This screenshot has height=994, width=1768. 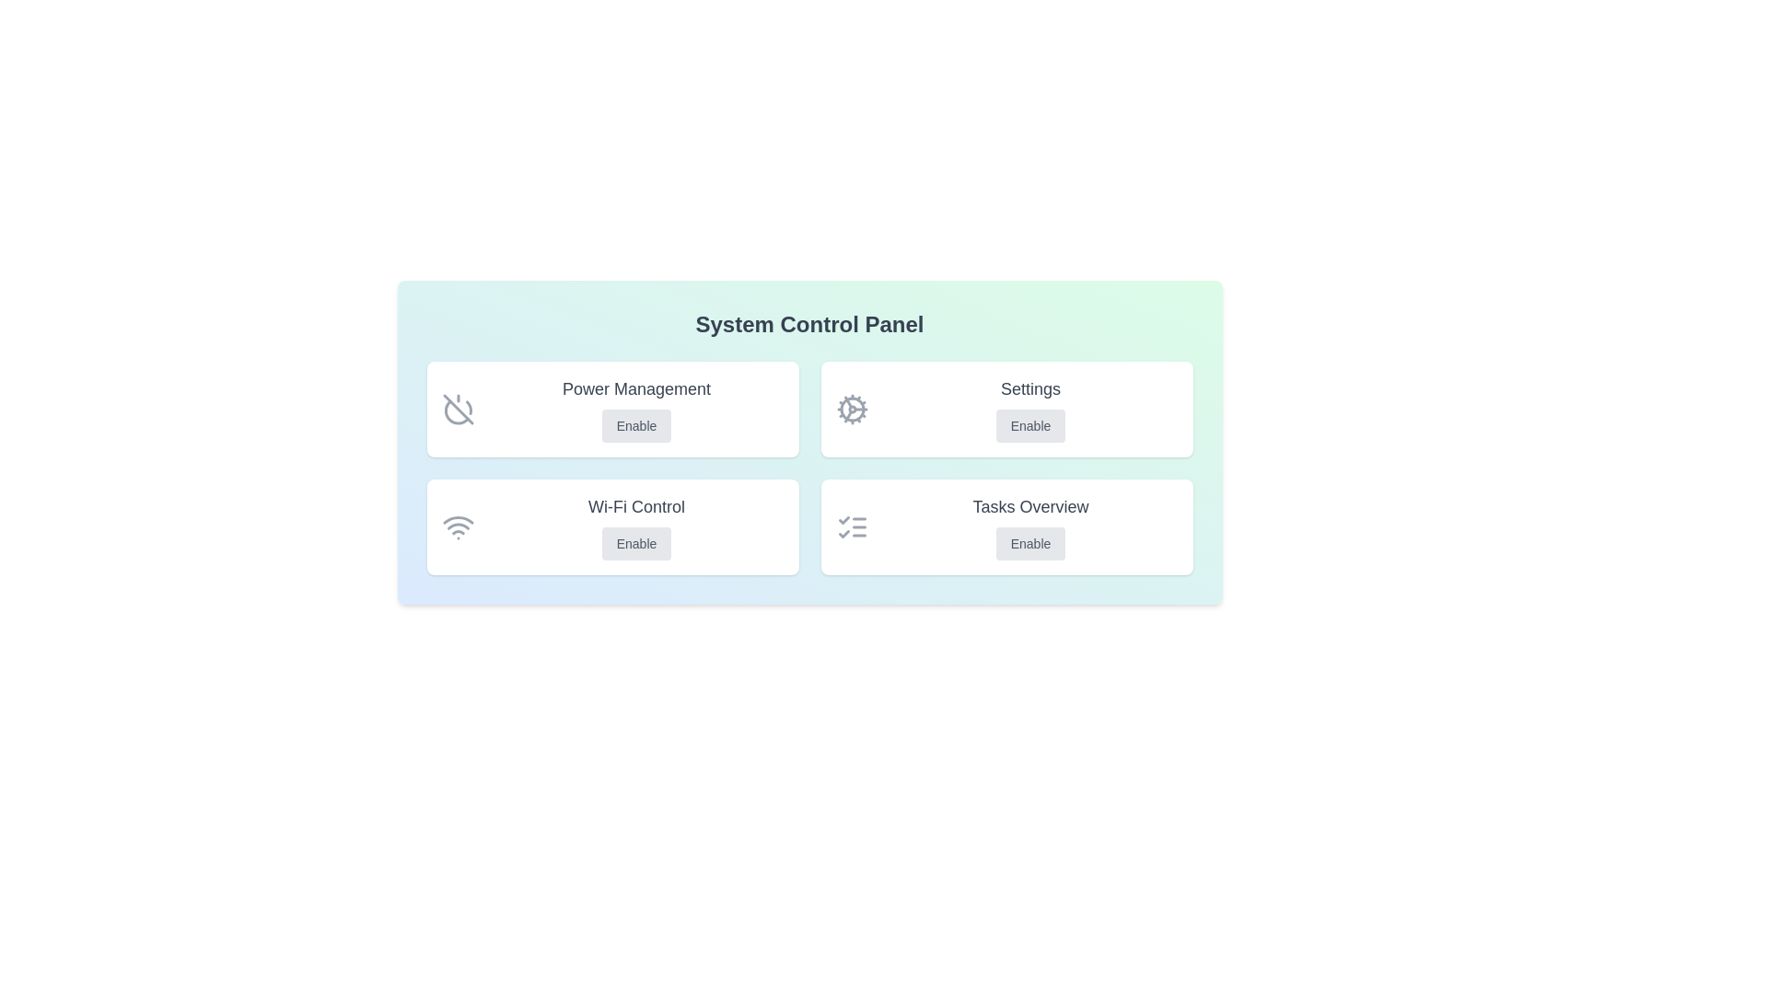 What do you see at coordinates (1006, 527) in the screenshot?
I see `the 'Enable' button on the Card component located in the fourth position of the grid layout under the 'System Control Panel' heading` at bounding box center [1006, 527].